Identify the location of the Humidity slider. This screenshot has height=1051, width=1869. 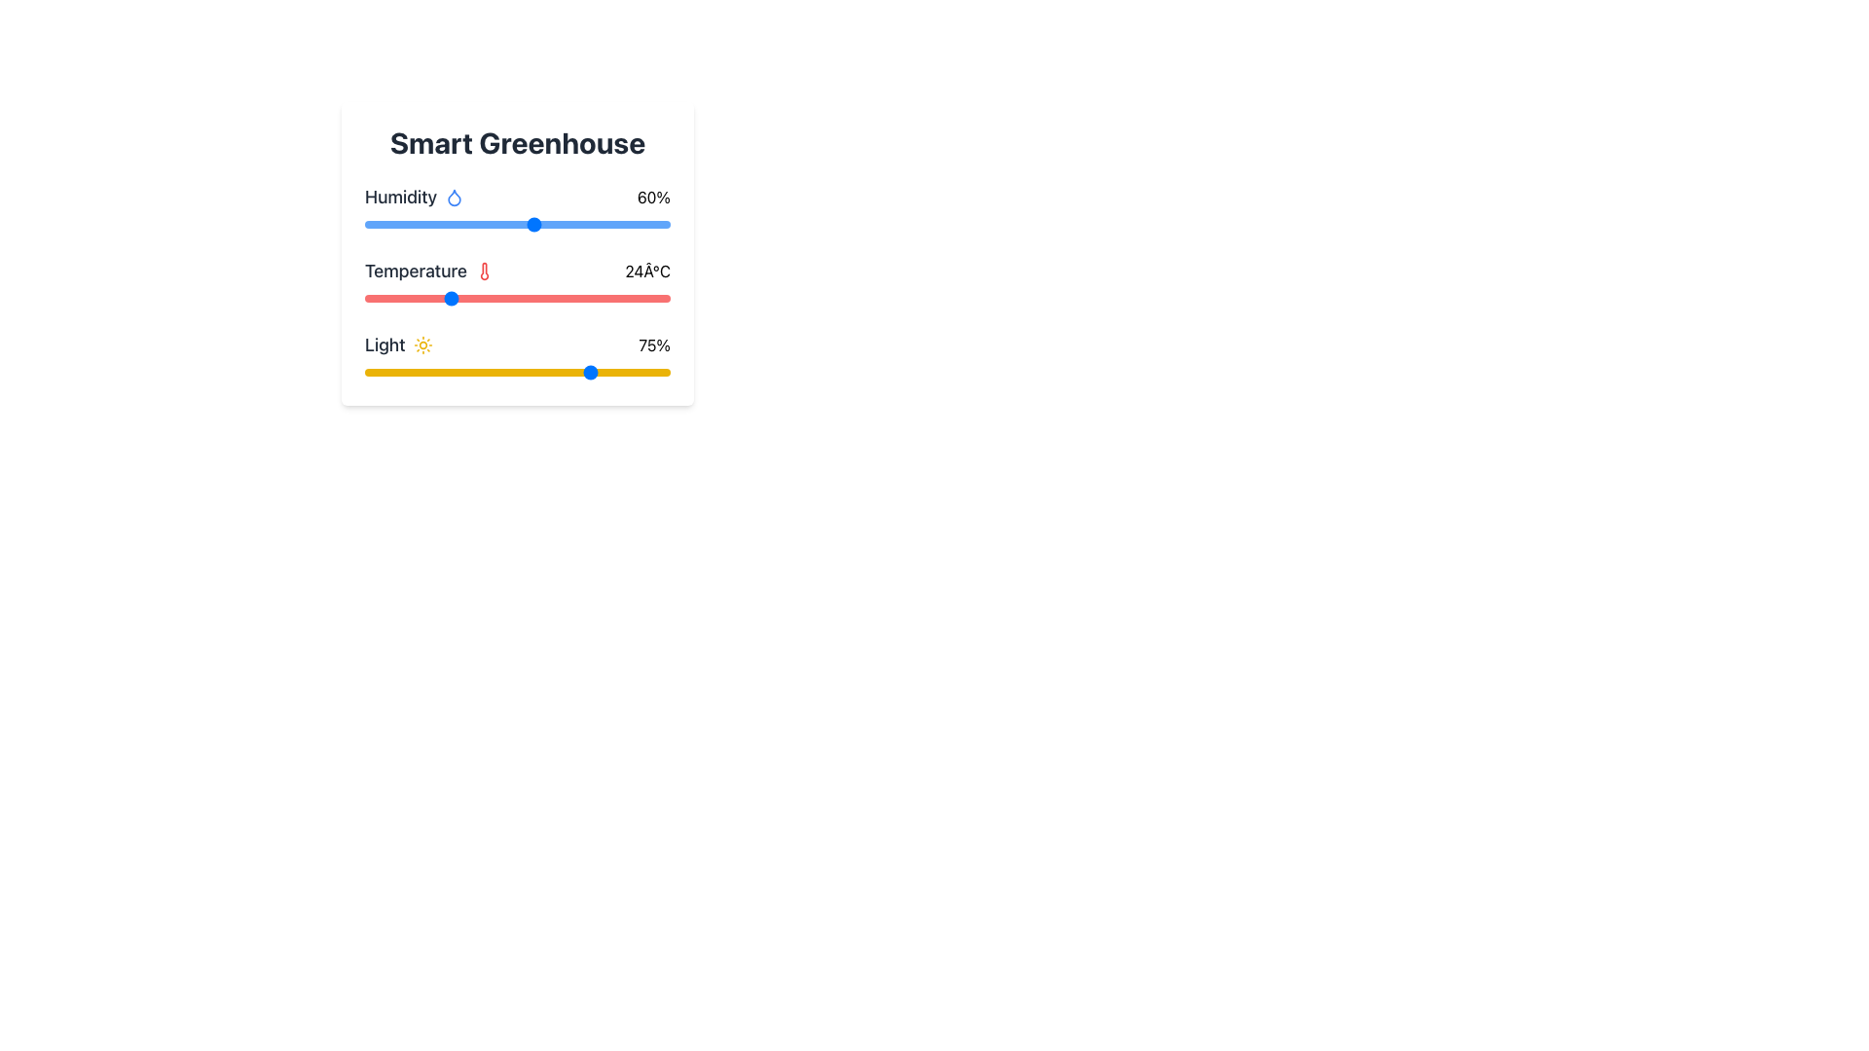
(371, 224).